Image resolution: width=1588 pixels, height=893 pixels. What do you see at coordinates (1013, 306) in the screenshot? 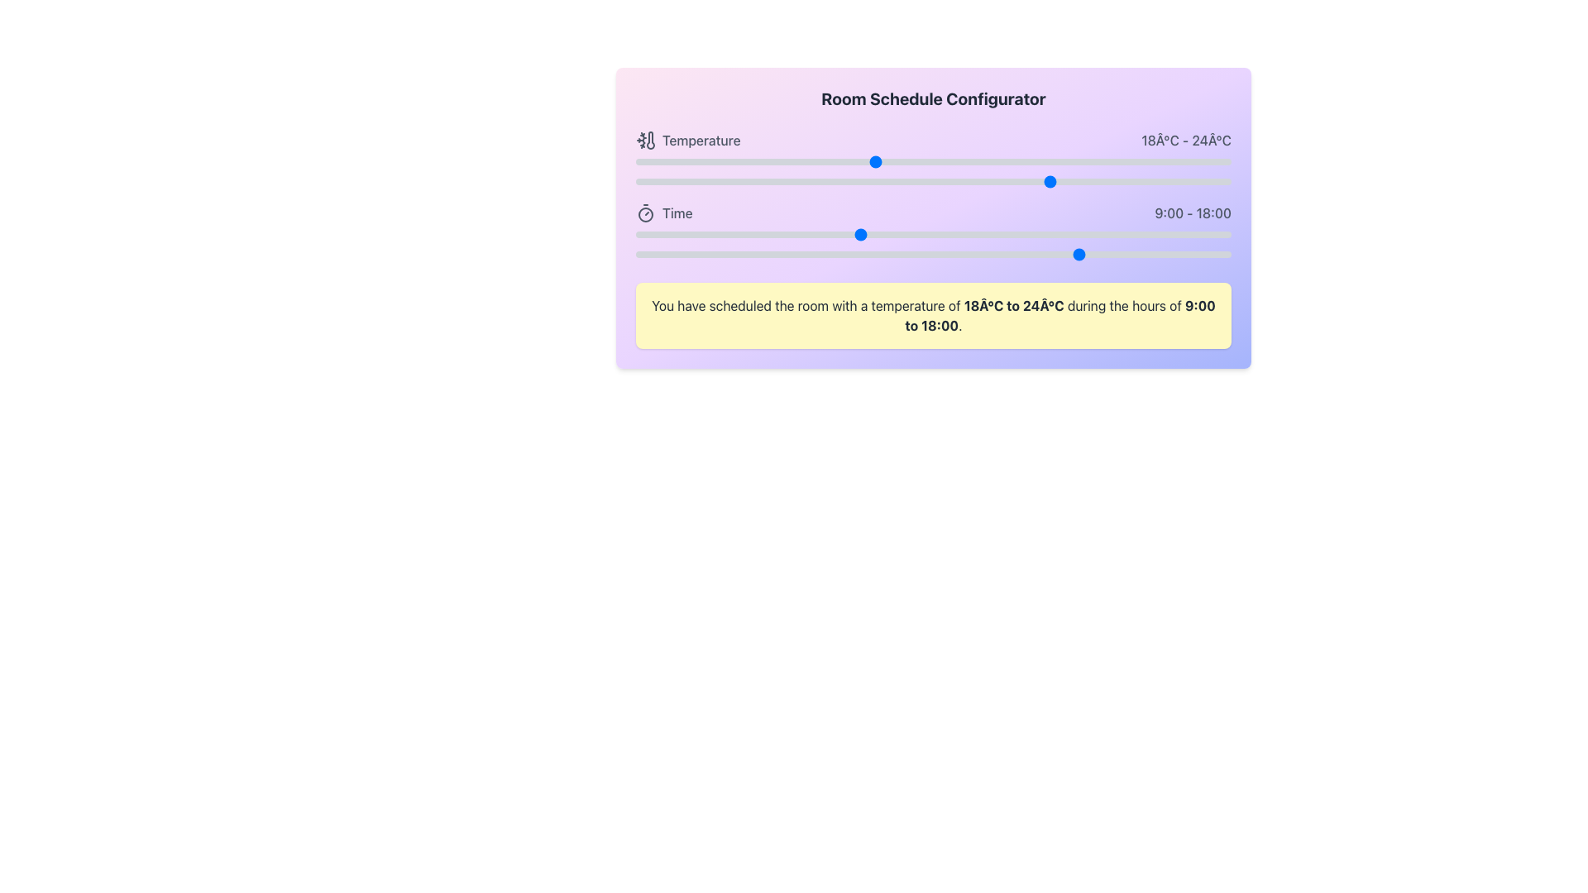
I see `the static text that displays the selected temperature range, confirming the user's choice regarding the temperature setting` at bounding box center [1013, 306].